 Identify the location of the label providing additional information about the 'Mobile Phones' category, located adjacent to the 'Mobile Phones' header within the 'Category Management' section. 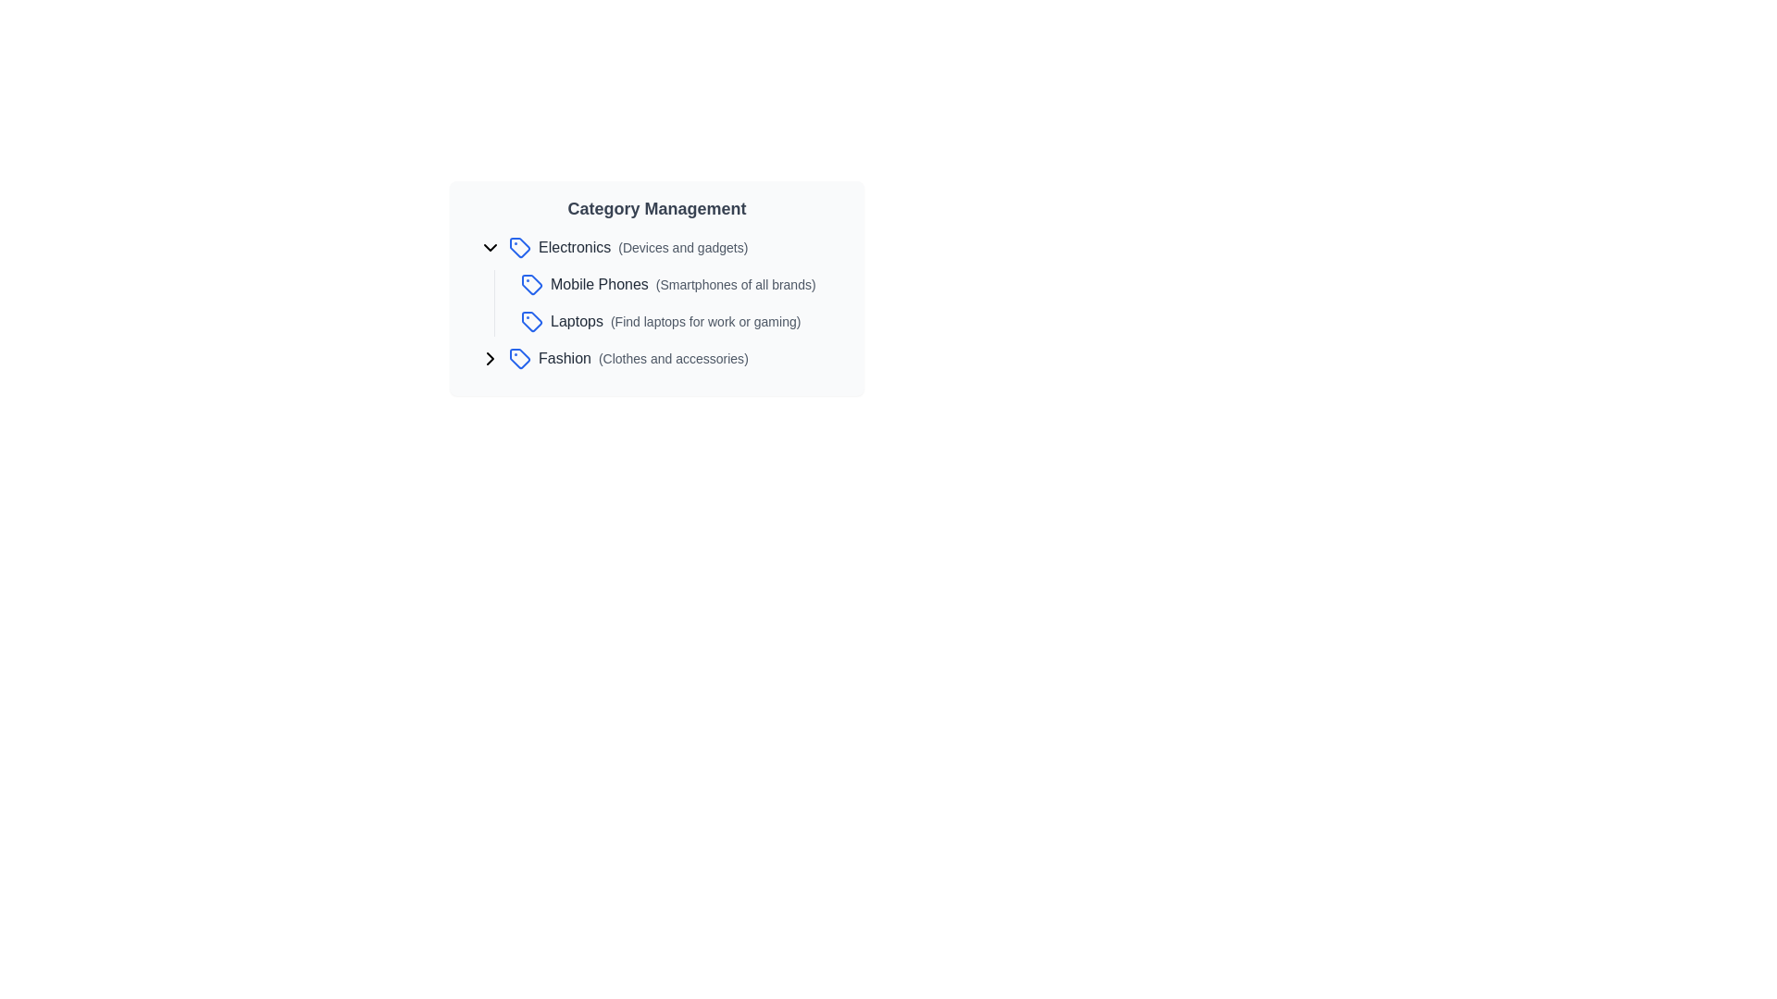
(735, 285).